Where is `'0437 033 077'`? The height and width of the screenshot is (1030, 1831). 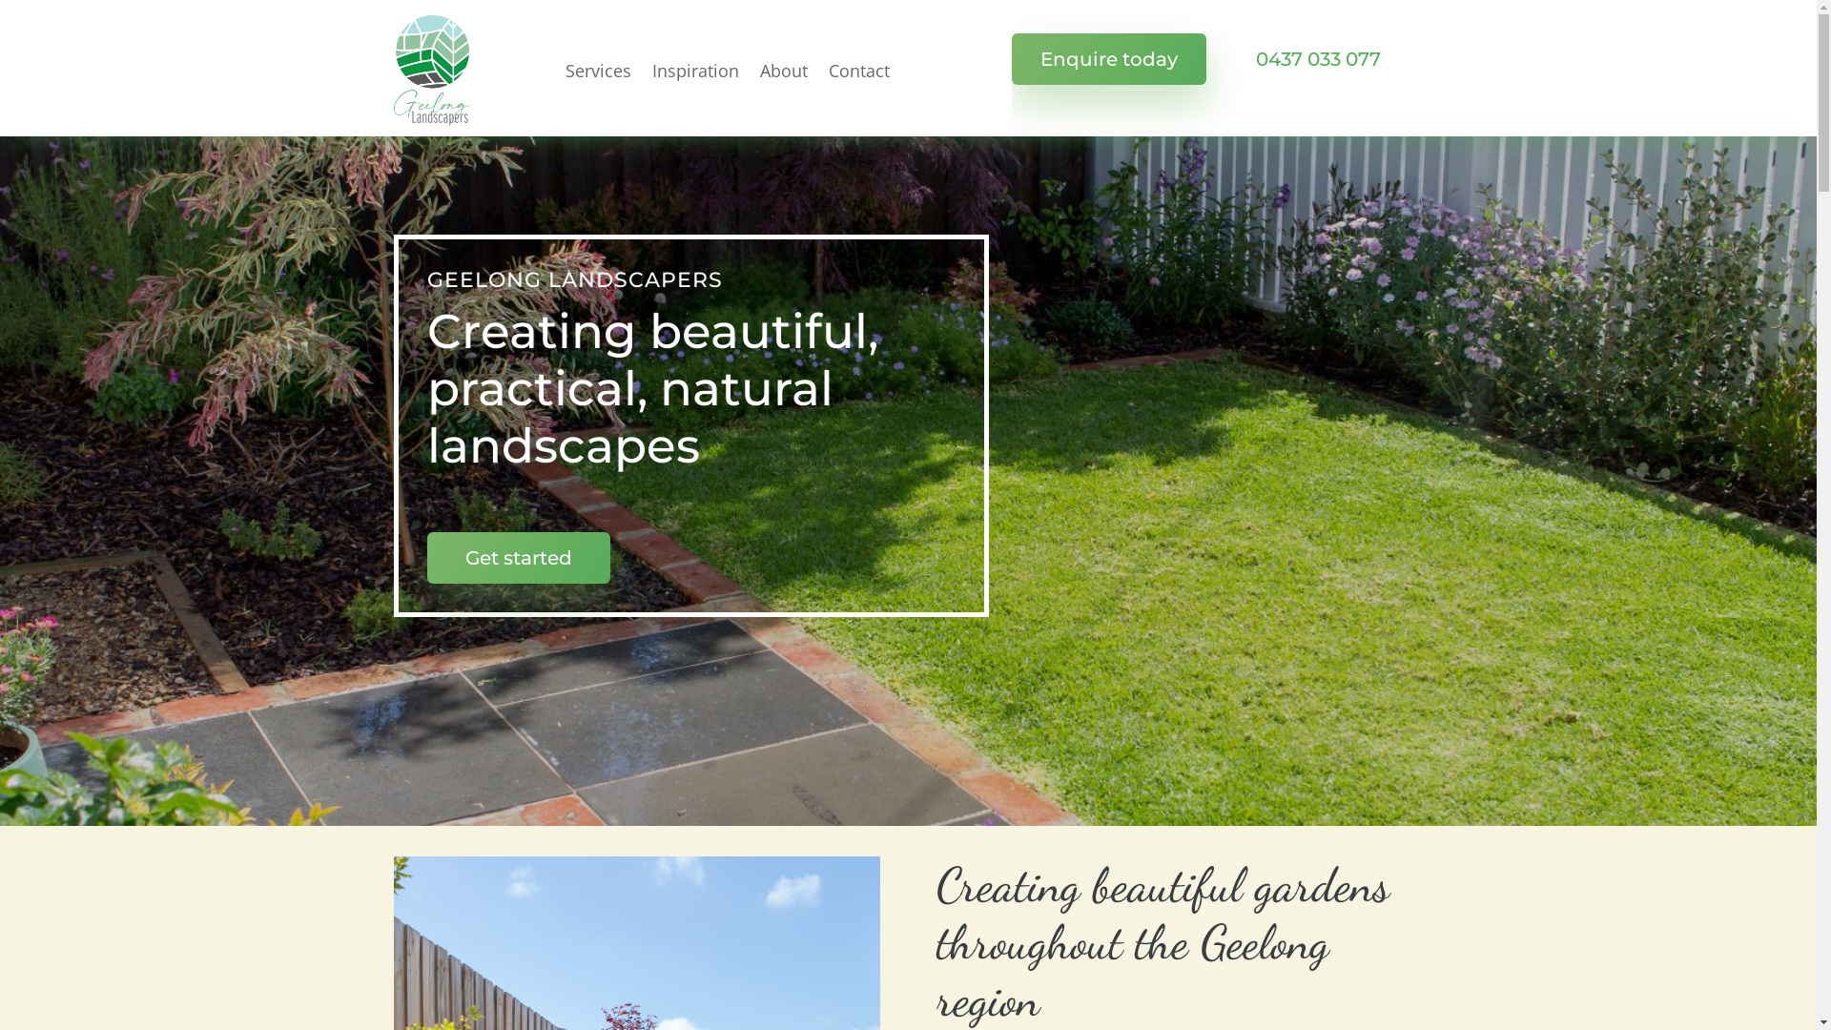
'0437 033 077' is located at coordinates (1316, 57).